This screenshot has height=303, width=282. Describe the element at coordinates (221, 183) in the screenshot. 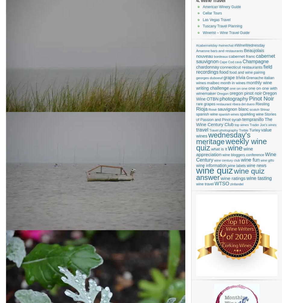

I see `'WTSO'` at that location.